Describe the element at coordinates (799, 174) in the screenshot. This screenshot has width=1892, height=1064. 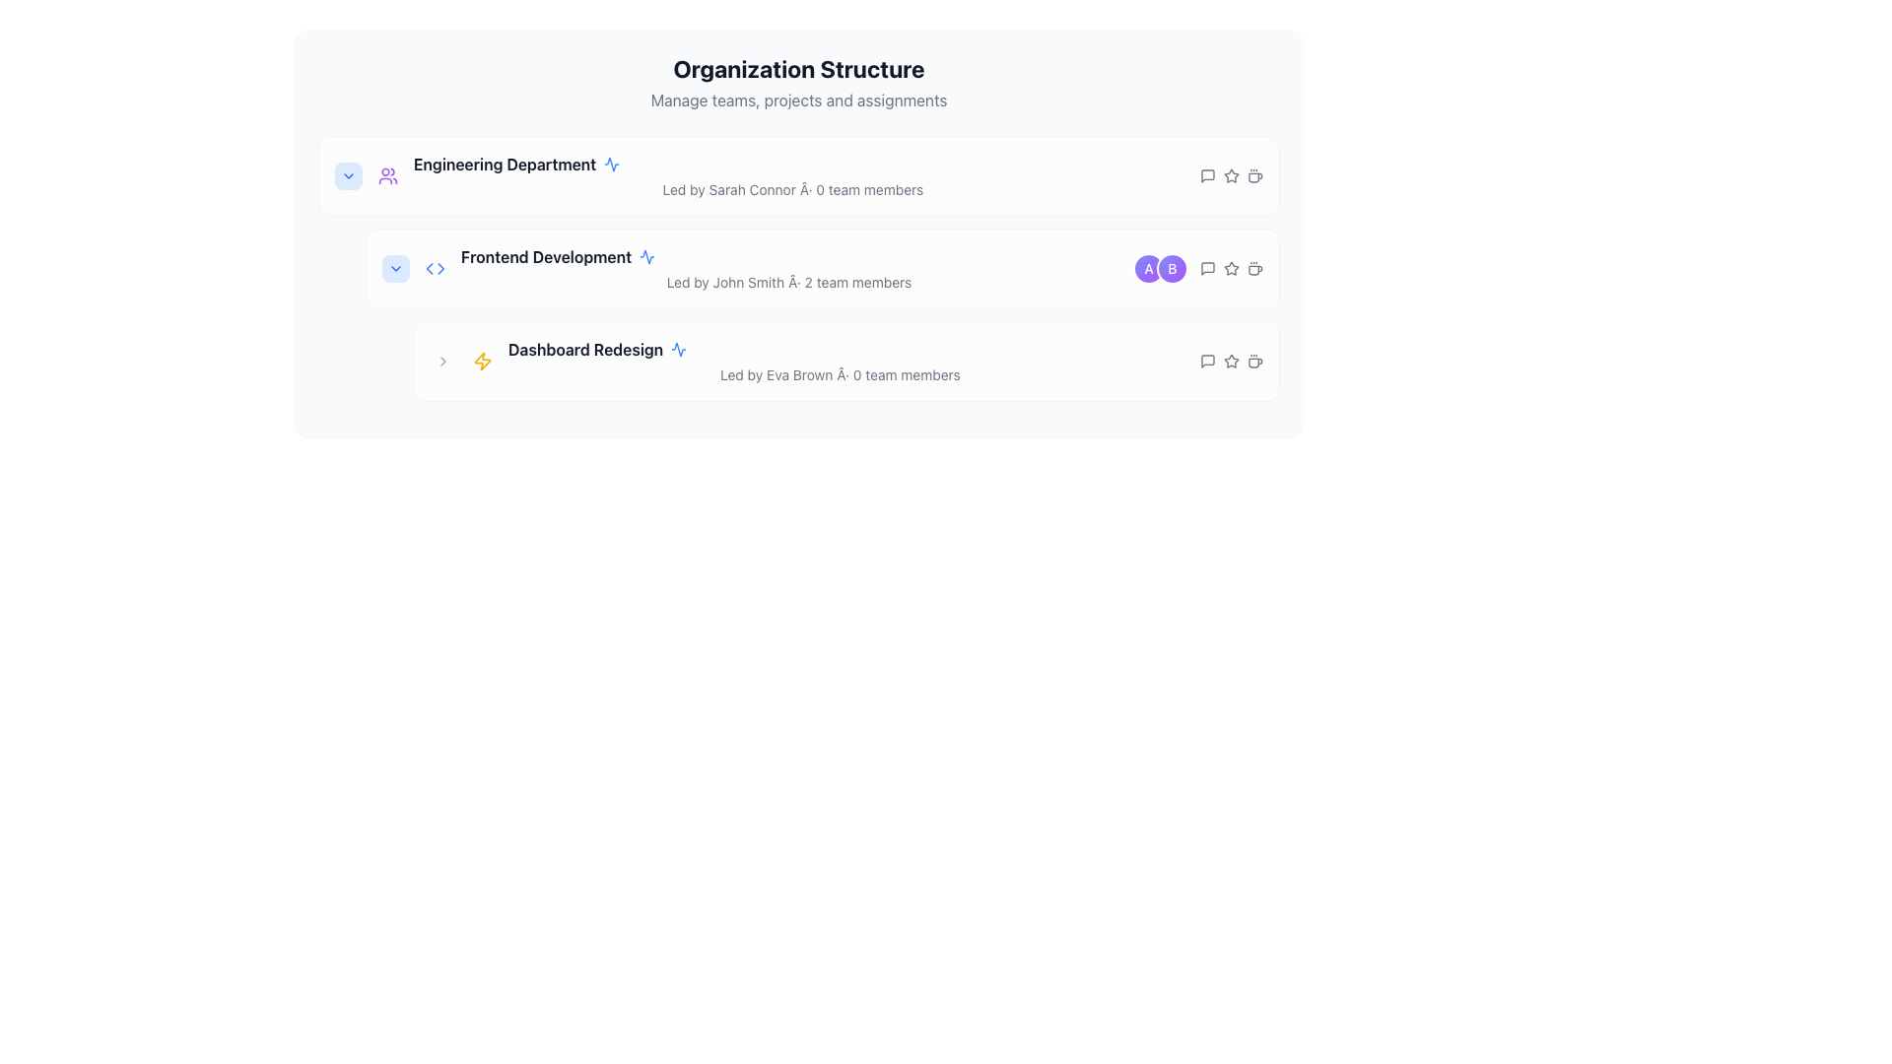
I see `information displayed on the 'Engineering Department' card, which is the first item in the vertical list of organizational units` at that location.